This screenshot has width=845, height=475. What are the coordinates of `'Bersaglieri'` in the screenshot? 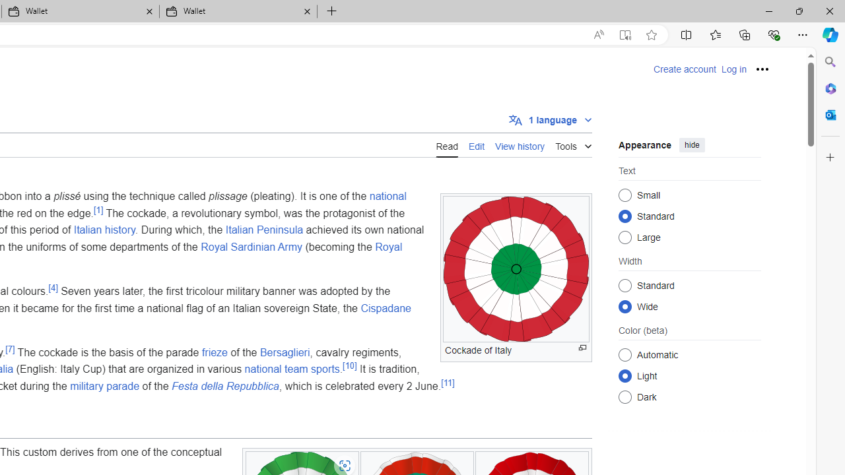 It's located at (284, 351).